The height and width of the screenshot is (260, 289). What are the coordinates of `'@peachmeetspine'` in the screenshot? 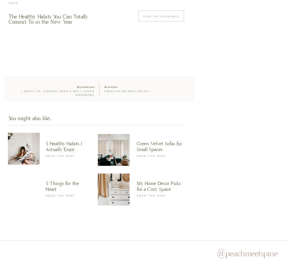 It's located at (247, 253).